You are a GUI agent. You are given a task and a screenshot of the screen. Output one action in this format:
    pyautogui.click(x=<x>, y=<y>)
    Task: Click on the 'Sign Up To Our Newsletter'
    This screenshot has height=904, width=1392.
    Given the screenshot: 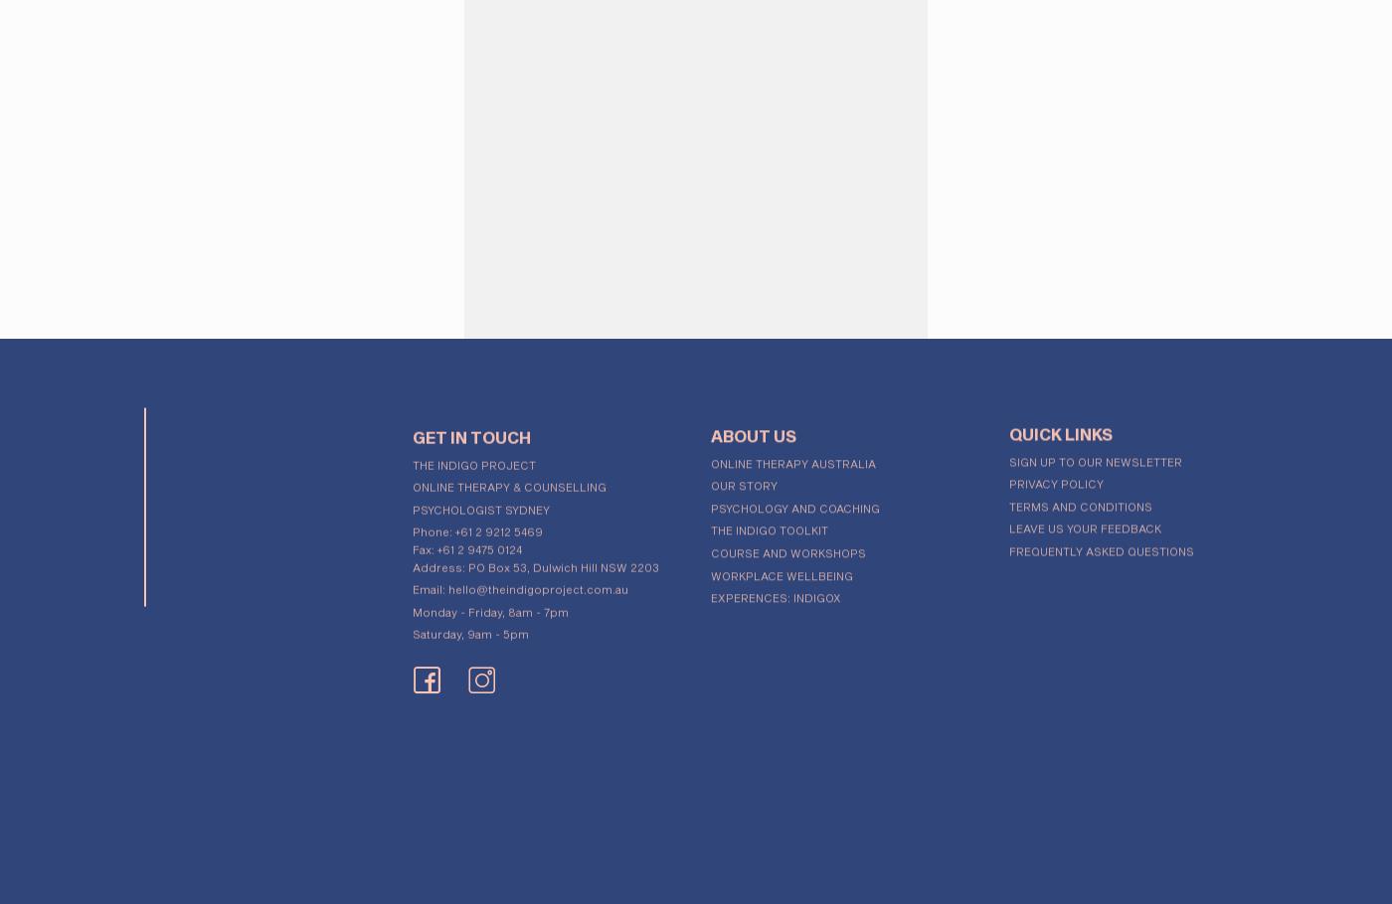 What is the action you would take?
    pyautogui.click(x=1095, y=455)
    